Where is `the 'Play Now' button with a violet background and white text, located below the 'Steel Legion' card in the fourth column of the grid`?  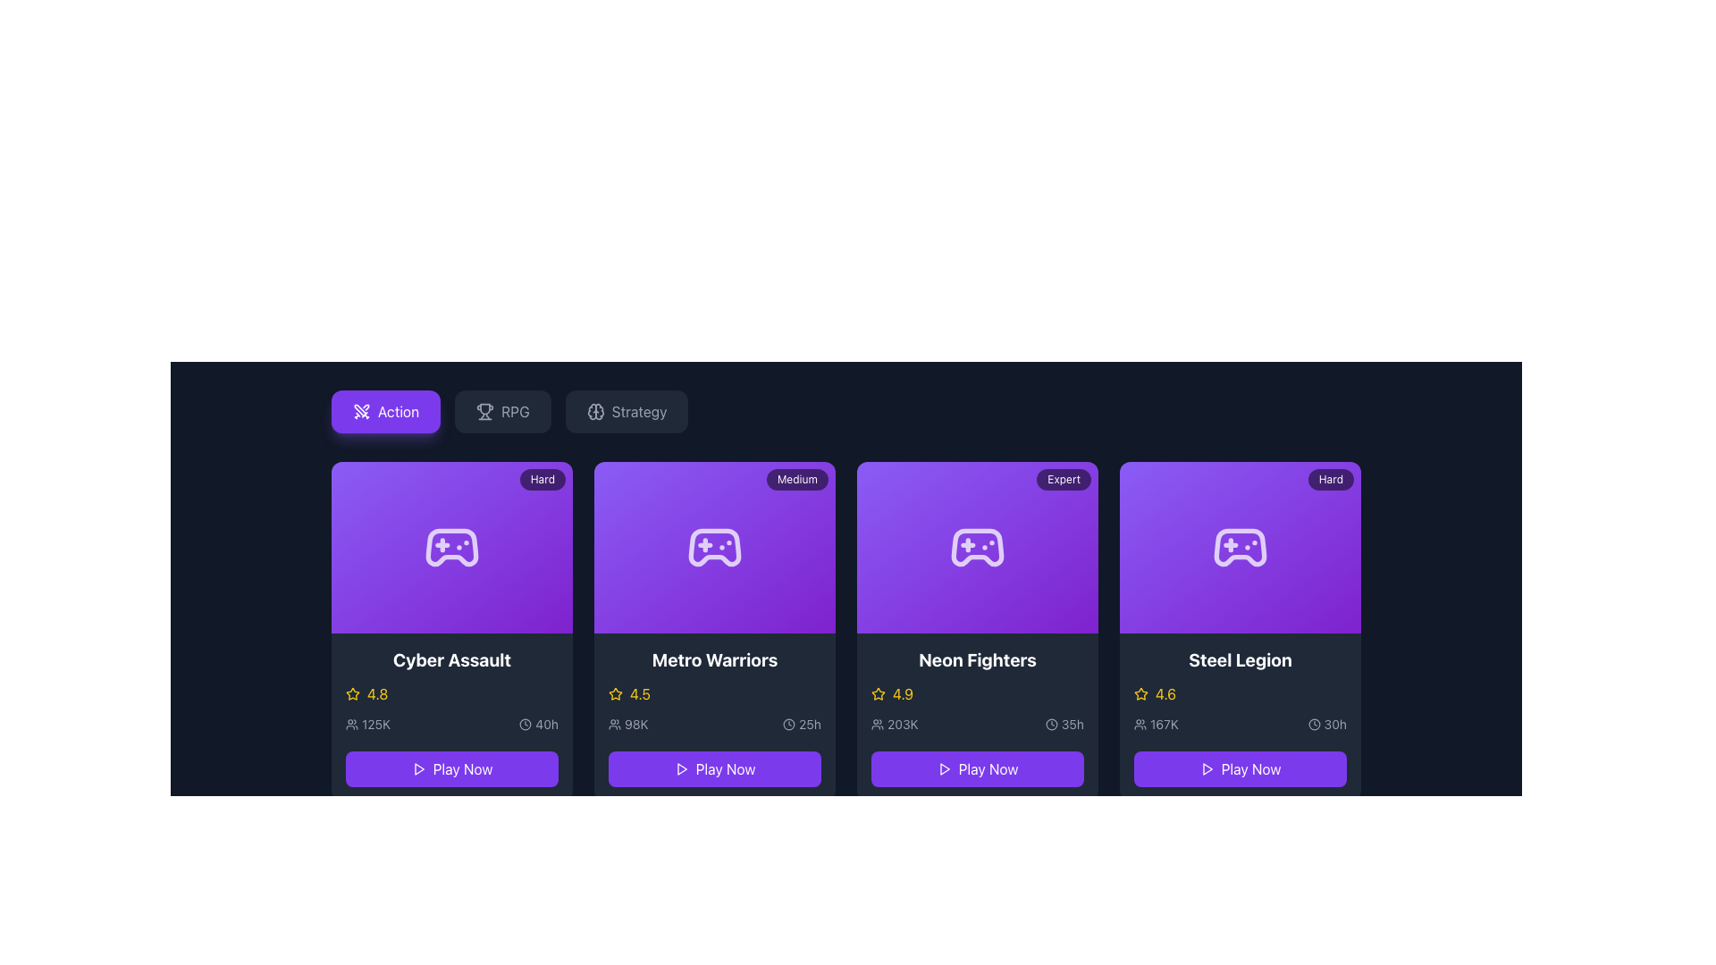 the 'Play Now' button with a violet background and white text, located below the 'Steel Legion' card in the fourth column of the grid is located at coordinates (1239, 768).